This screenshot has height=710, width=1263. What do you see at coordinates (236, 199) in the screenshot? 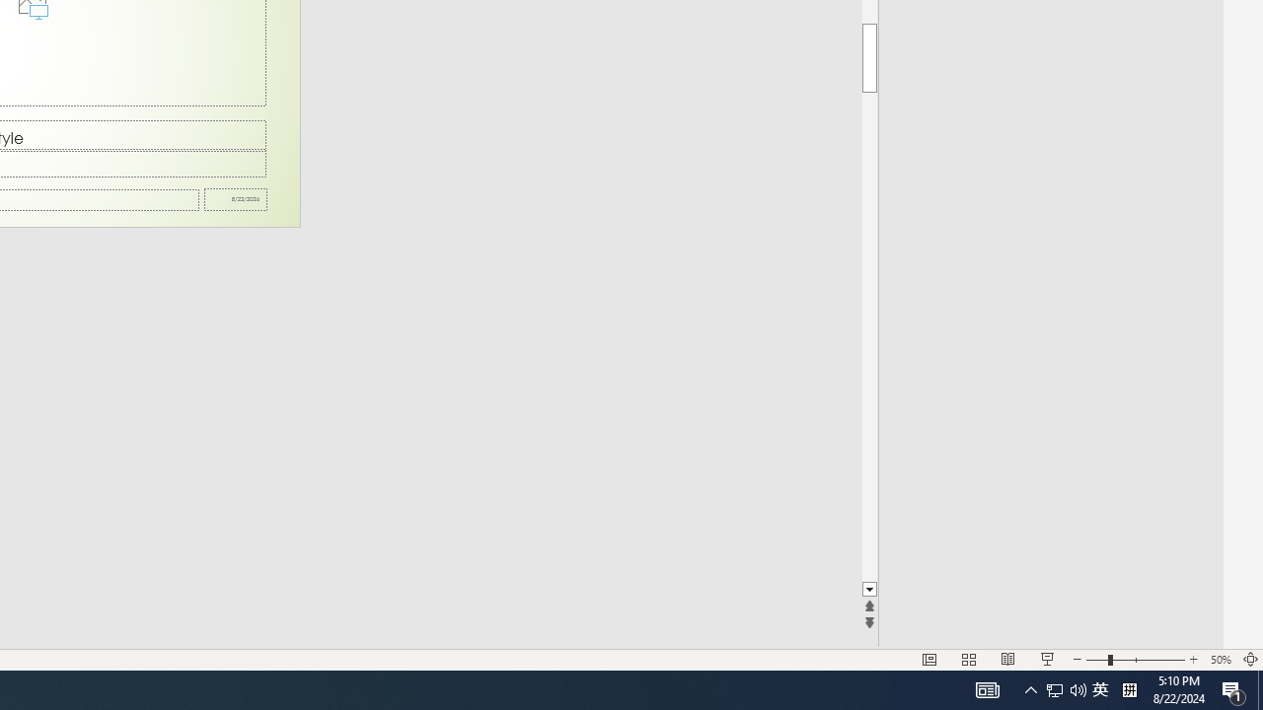
I see `'Date'` at bounding box center [236, 199].